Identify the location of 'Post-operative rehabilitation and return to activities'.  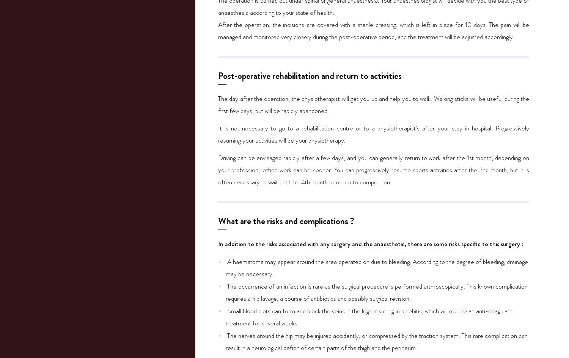
(310, 75).